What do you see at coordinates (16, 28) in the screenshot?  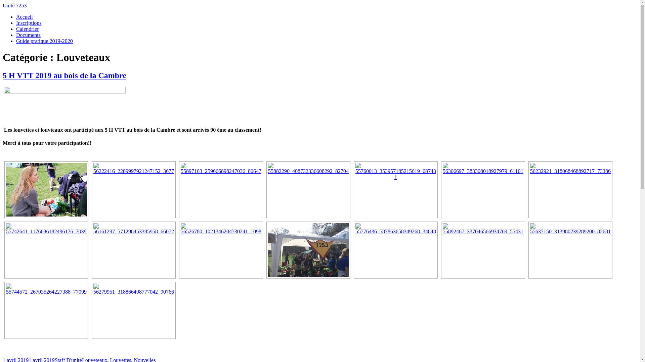 I see `'Calendrier'` at bounding box center [16, 28].